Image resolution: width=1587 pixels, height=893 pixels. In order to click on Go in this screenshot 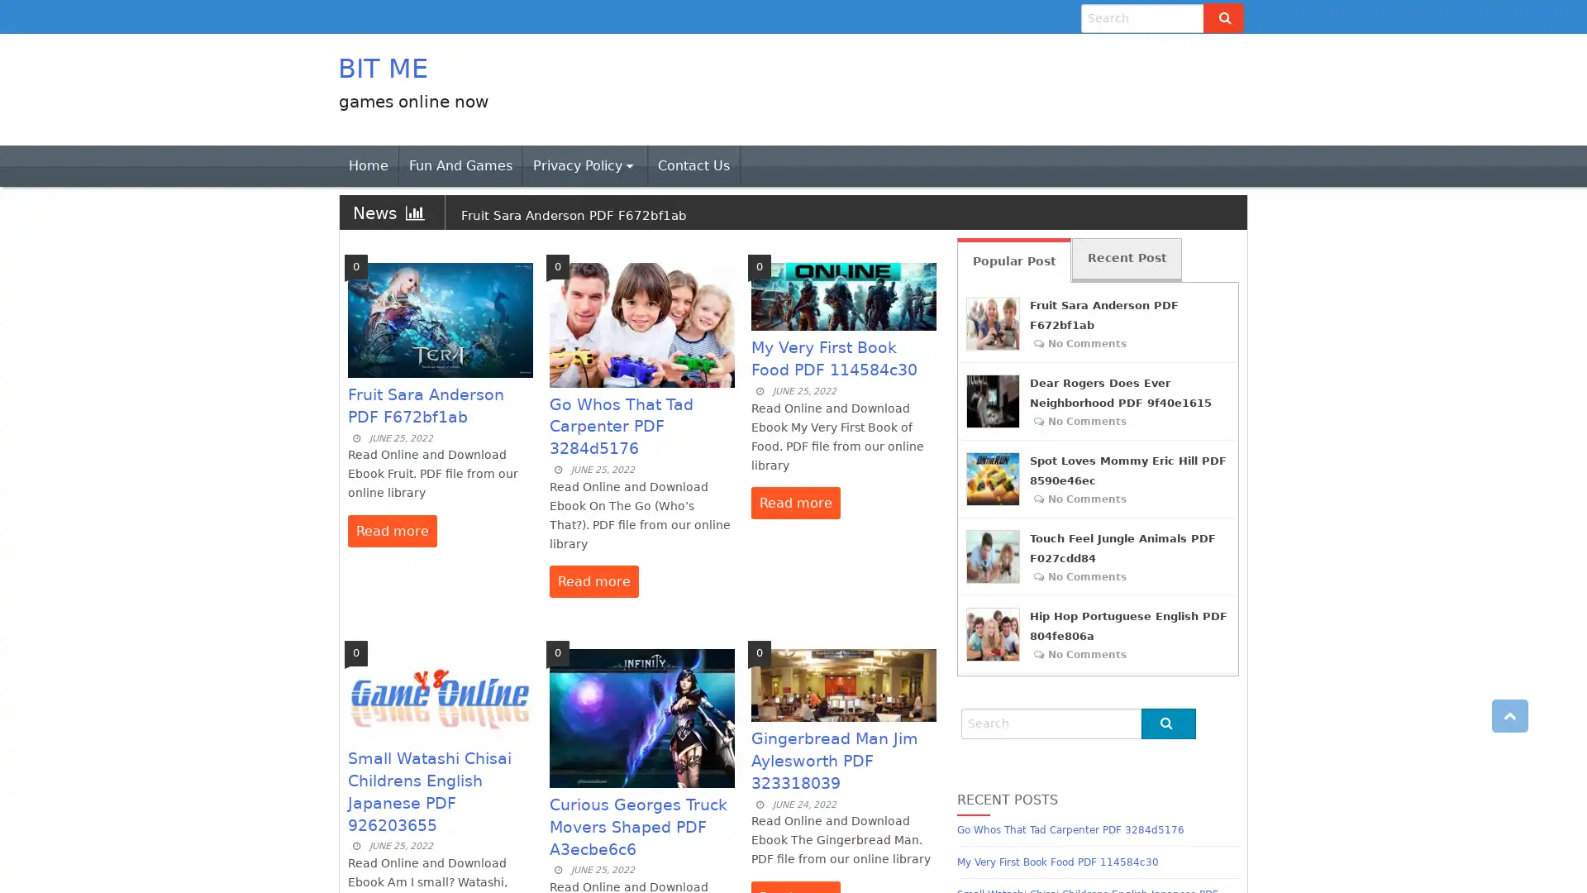, I will do `click(1223, 17)`.